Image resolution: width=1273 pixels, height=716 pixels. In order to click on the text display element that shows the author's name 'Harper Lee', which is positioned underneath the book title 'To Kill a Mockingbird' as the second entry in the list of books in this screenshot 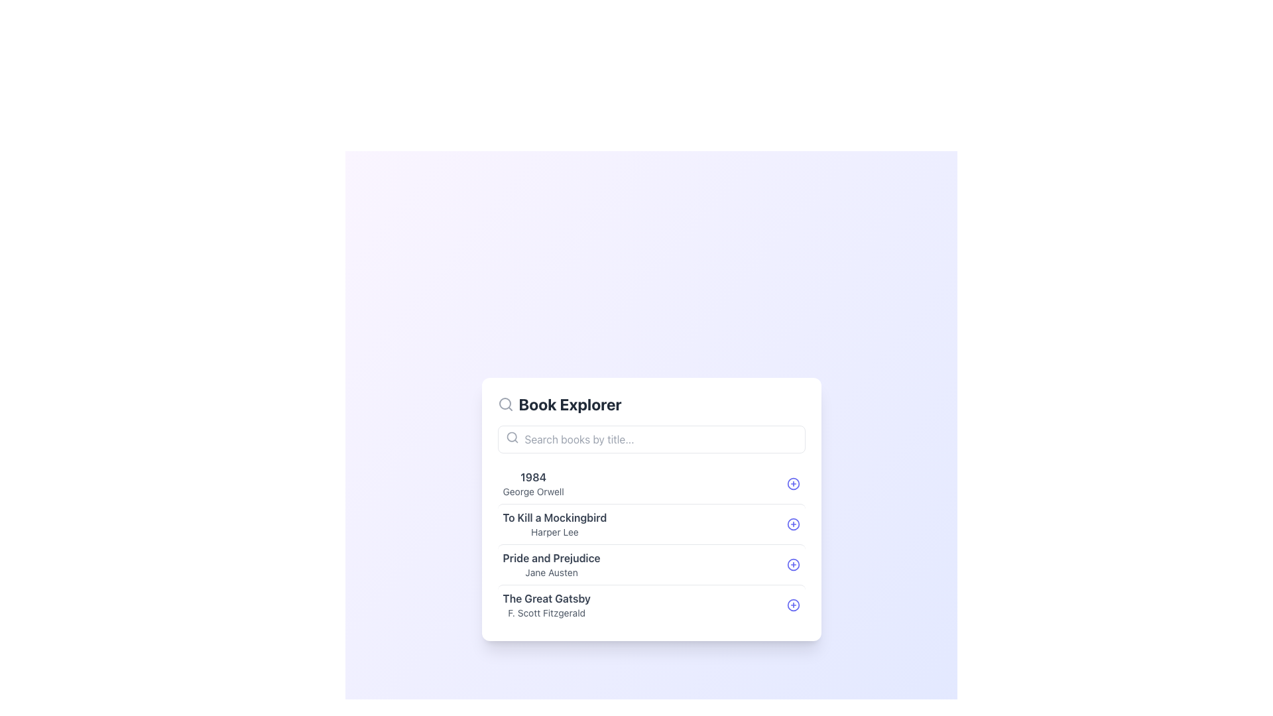, I will do `click(554, 531)`.